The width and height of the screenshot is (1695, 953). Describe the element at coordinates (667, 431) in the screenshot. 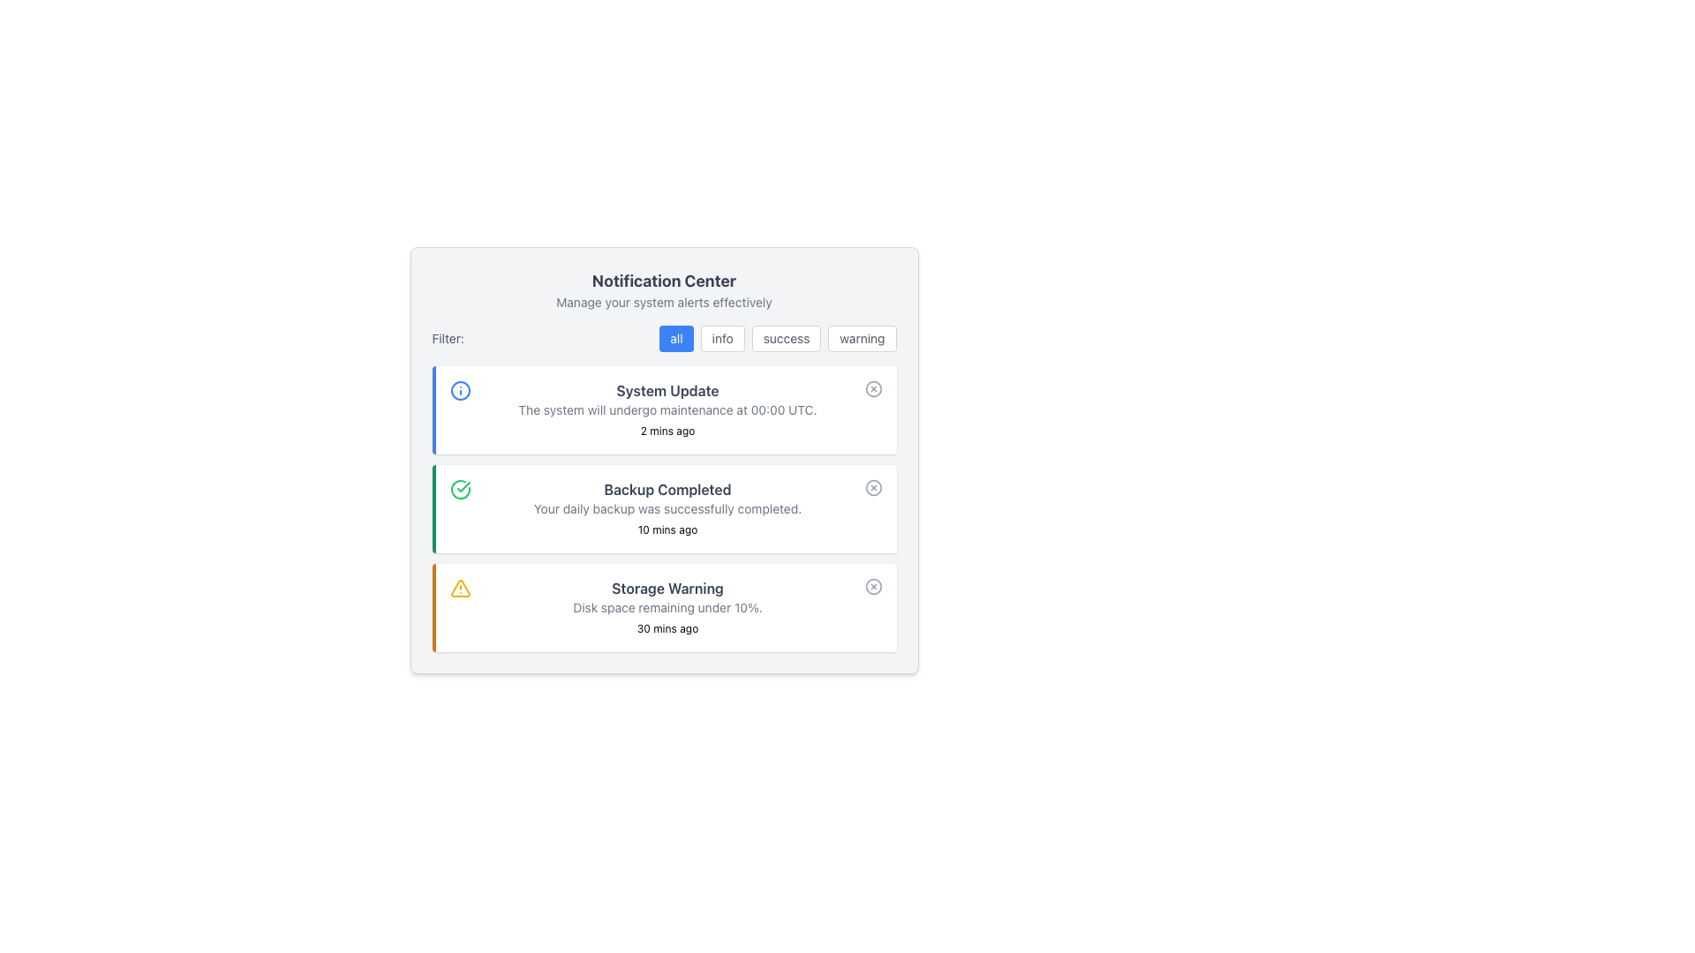

I see `the text label that reads '2 mins ago', styled in light gray-green color, located in the bottom-right portion of the 'System Update' notification card` at that location.